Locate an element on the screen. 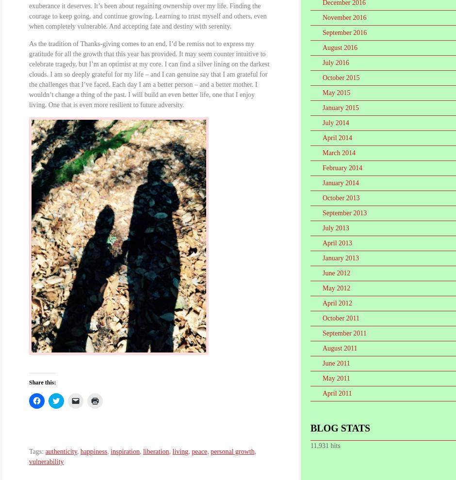 The height and width of the screenshot is (480, 456). 'April 2012' is located at coordinates (322, 303).